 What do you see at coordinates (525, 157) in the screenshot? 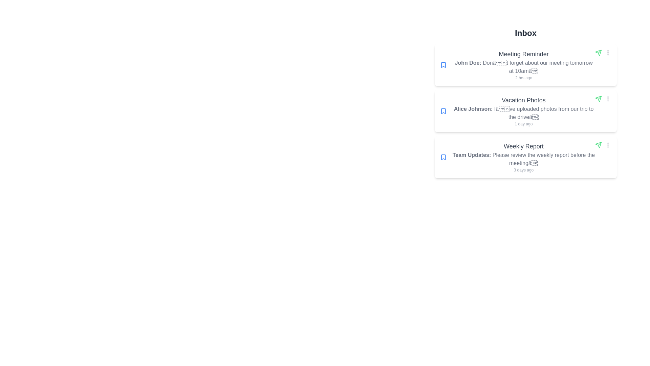
I see `the message titled 'Weekly Report'` at bounding box center [525, 157].